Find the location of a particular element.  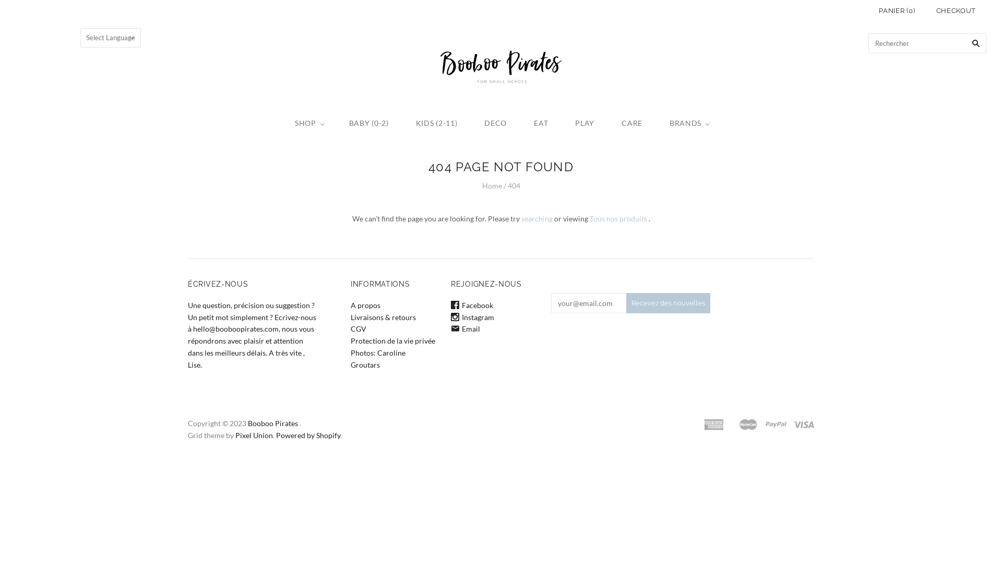

'A propos' is located at coordinates (365, 305).